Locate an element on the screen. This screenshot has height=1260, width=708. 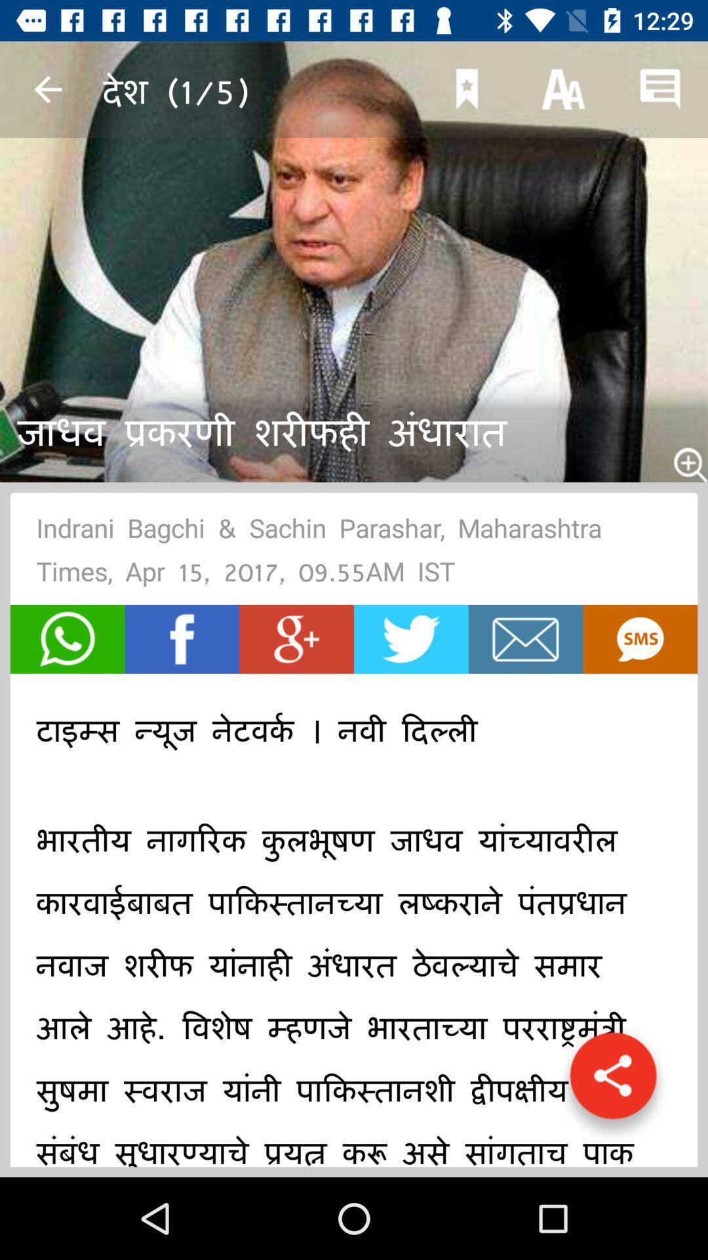
click on twitter handle is located at coordinates (410, 639).